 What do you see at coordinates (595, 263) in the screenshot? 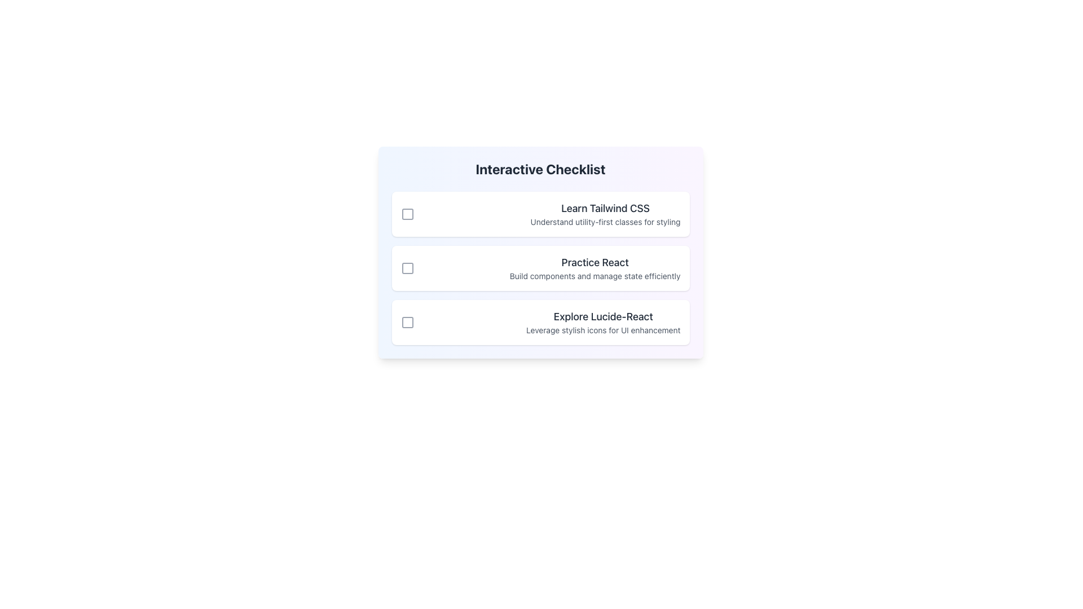
I see `the Text label located in the second item of the checklist, which is positioned below 'Learn Tailwind CSS' and above 'Explore Lucide-React', to provide context to the user` at bounding box center [595, 263].